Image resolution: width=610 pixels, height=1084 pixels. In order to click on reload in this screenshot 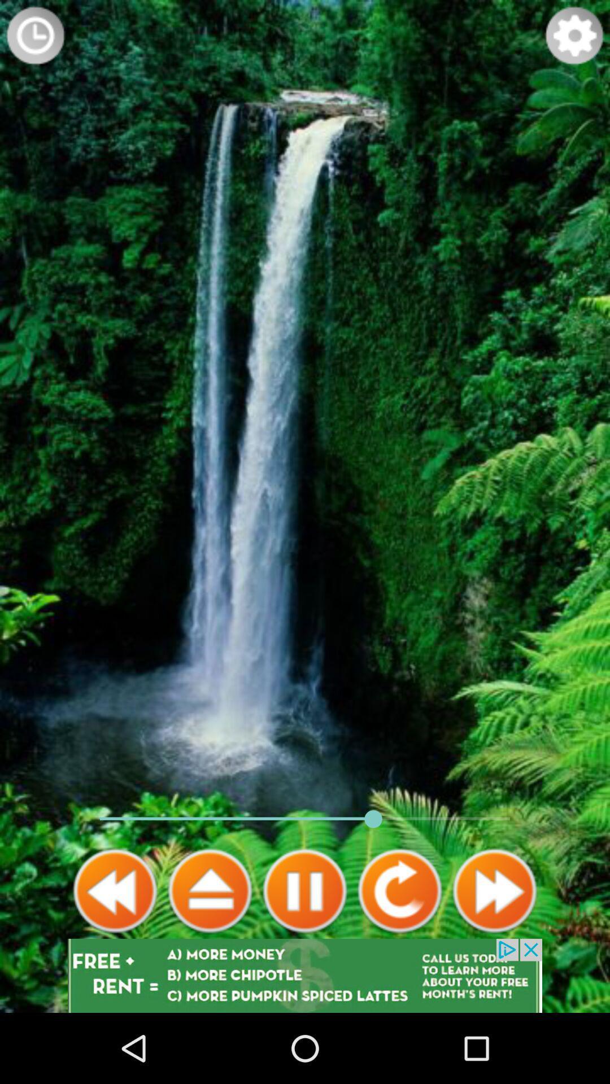, I will do `click(399, 890)`.